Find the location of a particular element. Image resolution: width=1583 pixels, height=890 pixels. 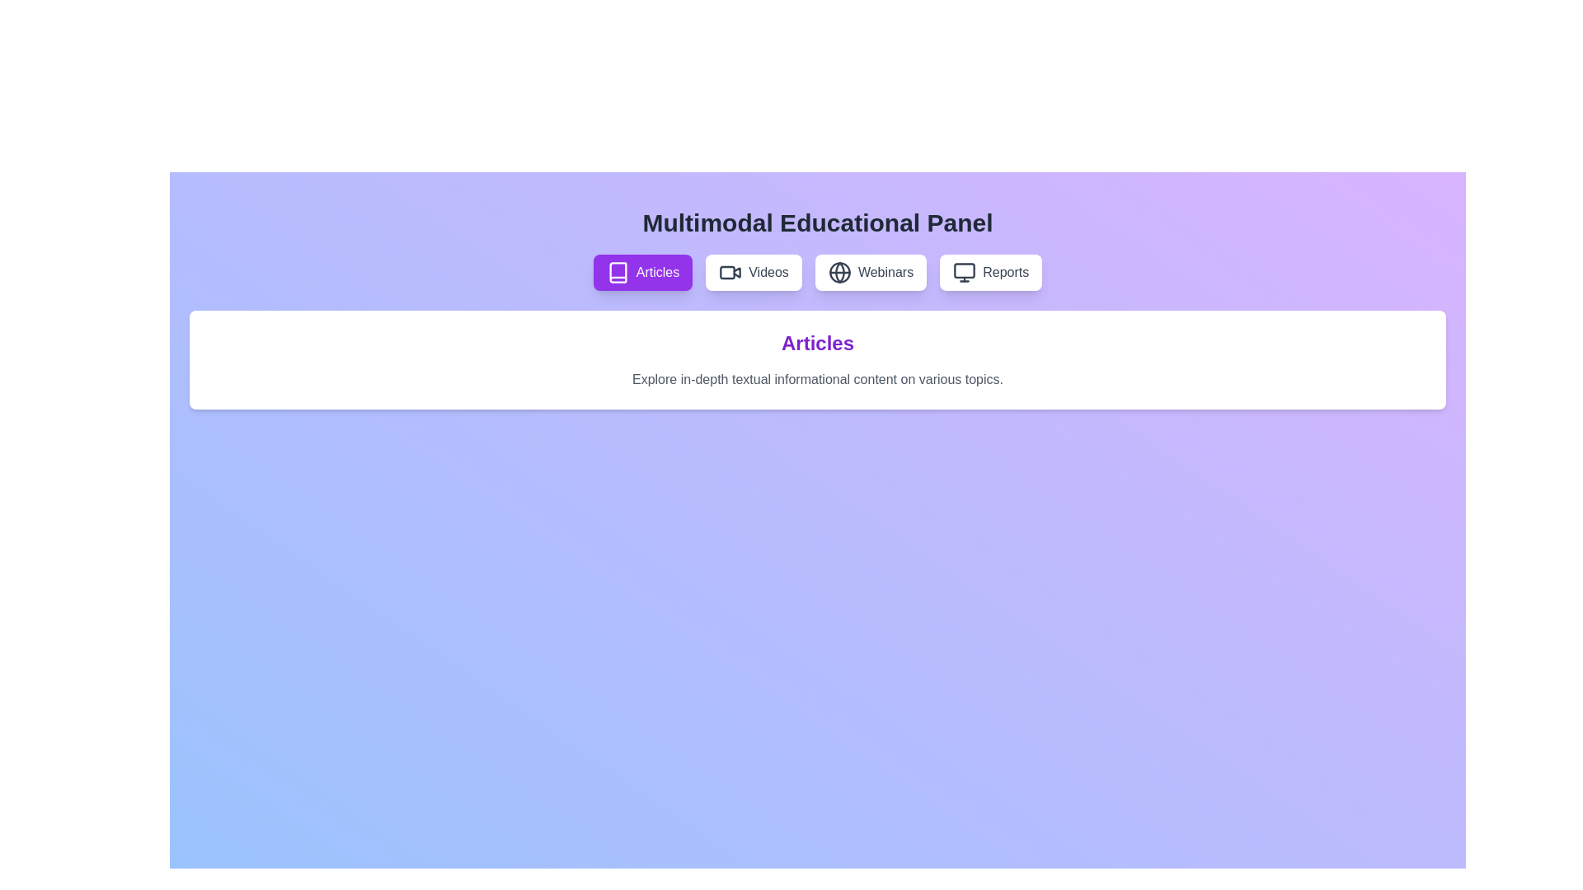

the rectangular button with rounded corners, purple background, and white text labeled 'Articles' is located at coordinates (642, 272).